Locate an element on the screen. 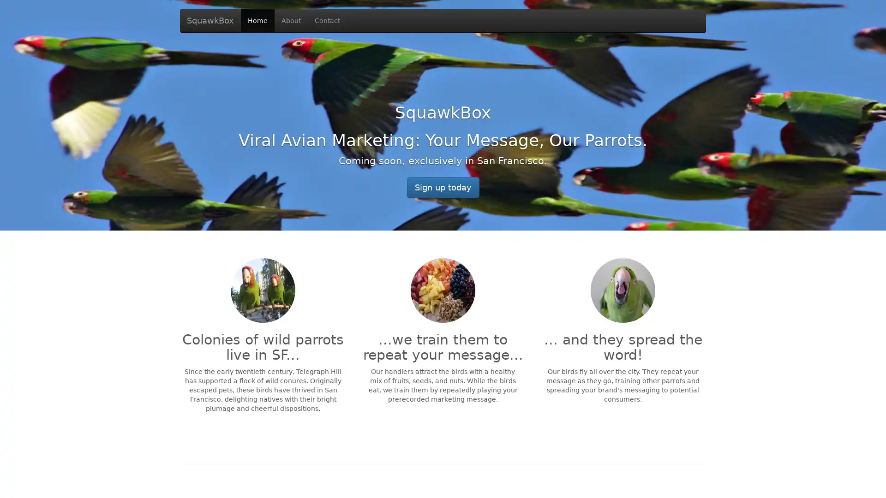  Sign up today is located at coordinates (442, 187).